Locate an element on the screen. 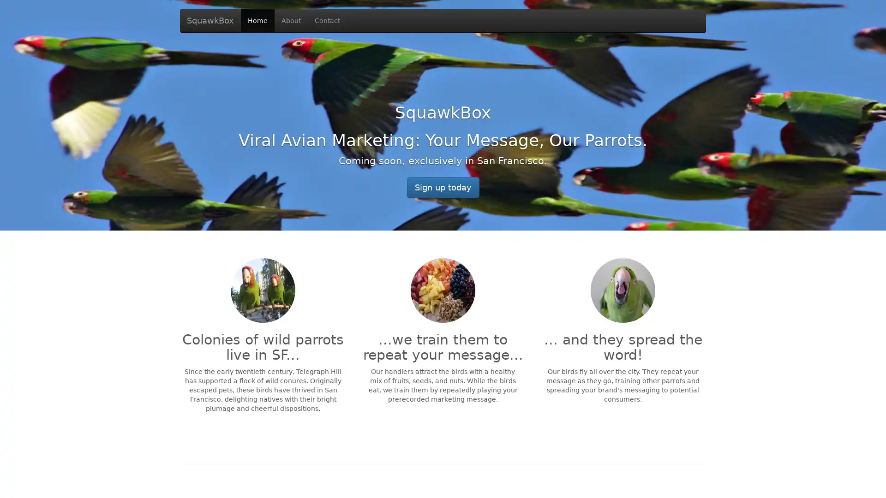  Sign up today is located at coordinates (442, 187).